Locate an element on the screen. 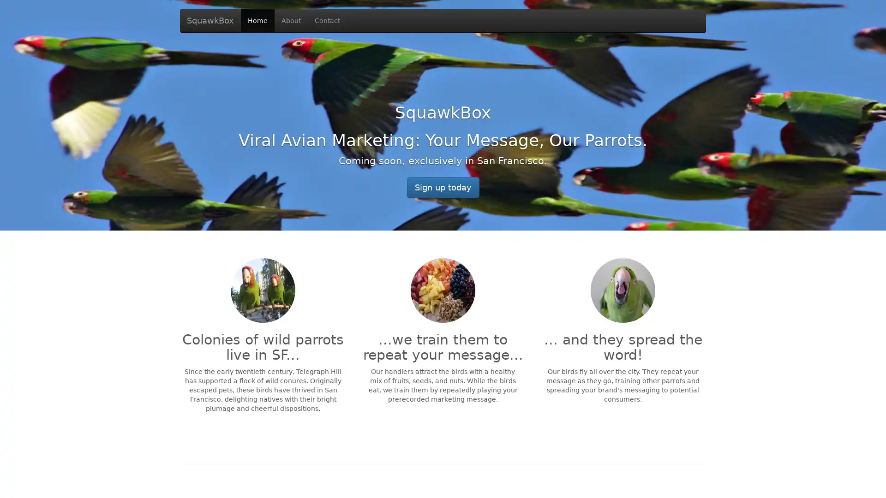  Sign up today is located at coordinates (442, 187).